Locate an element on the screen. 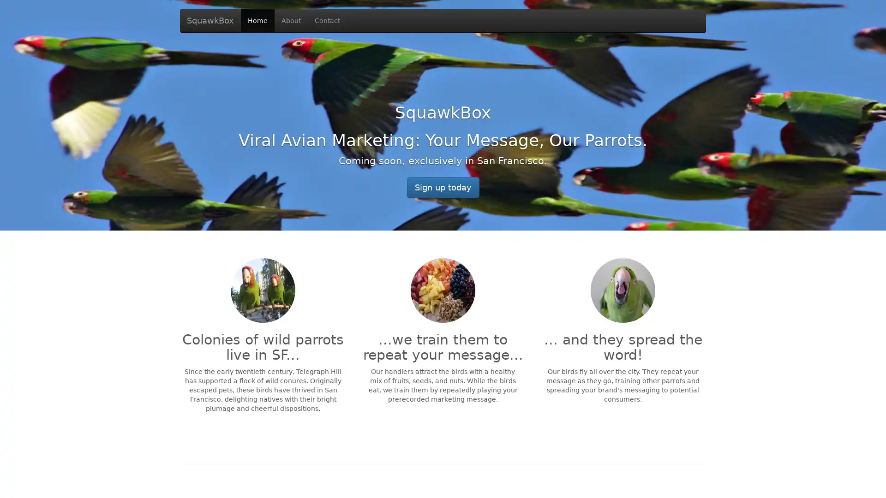  Sign up today is located at coordinates (442, 187).